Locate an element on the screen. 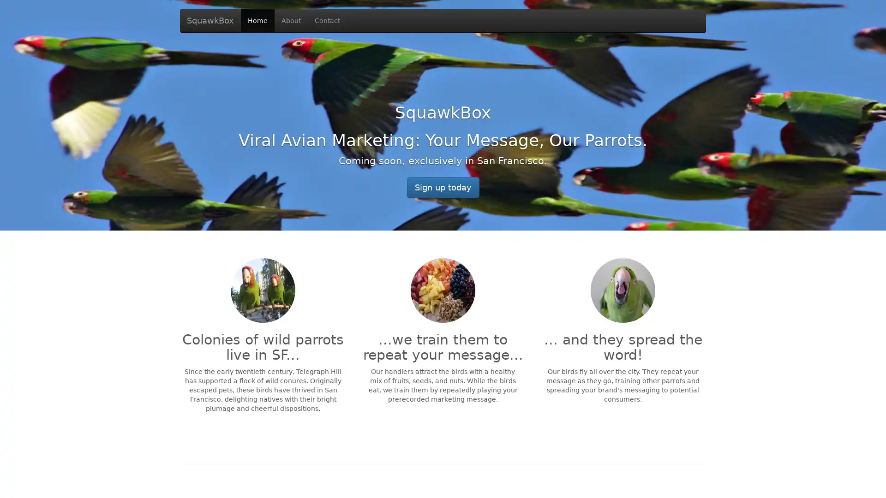  Sign up today is located at coordinates (442, 187).